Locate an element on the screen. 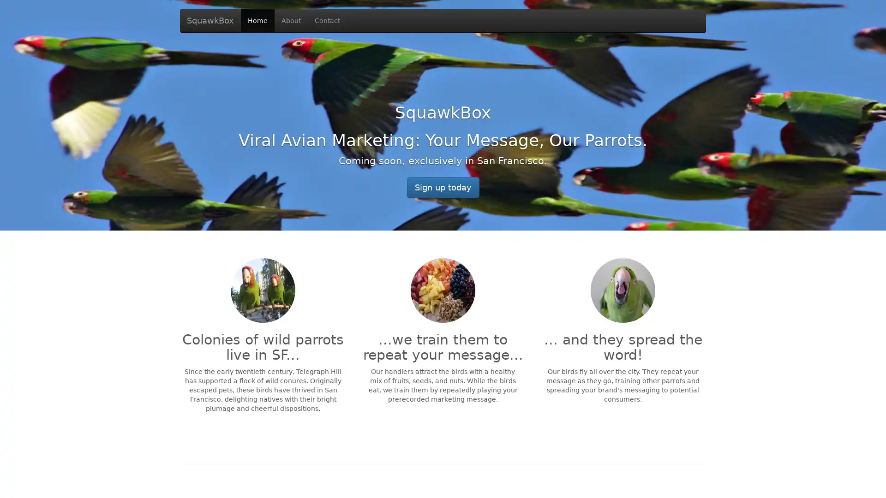  Sign up today is located at coordinates (442, 187).